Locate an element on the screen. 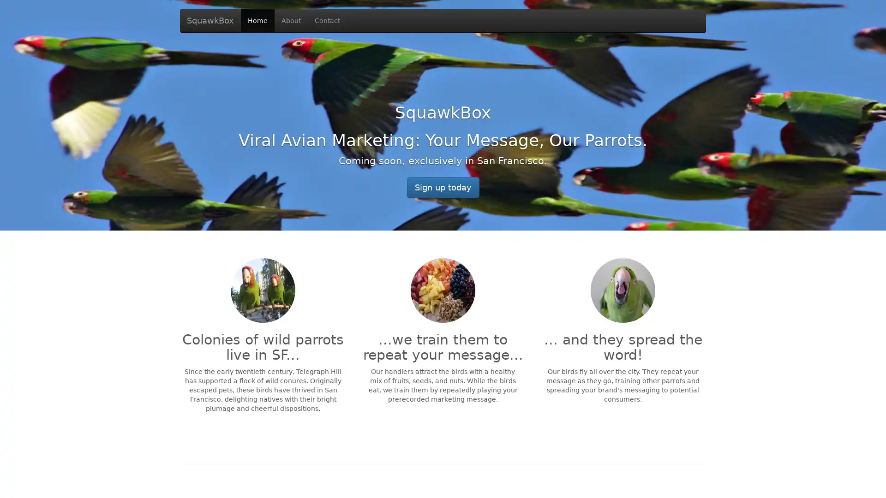  Sign up today is located at coordinates (442, 187).